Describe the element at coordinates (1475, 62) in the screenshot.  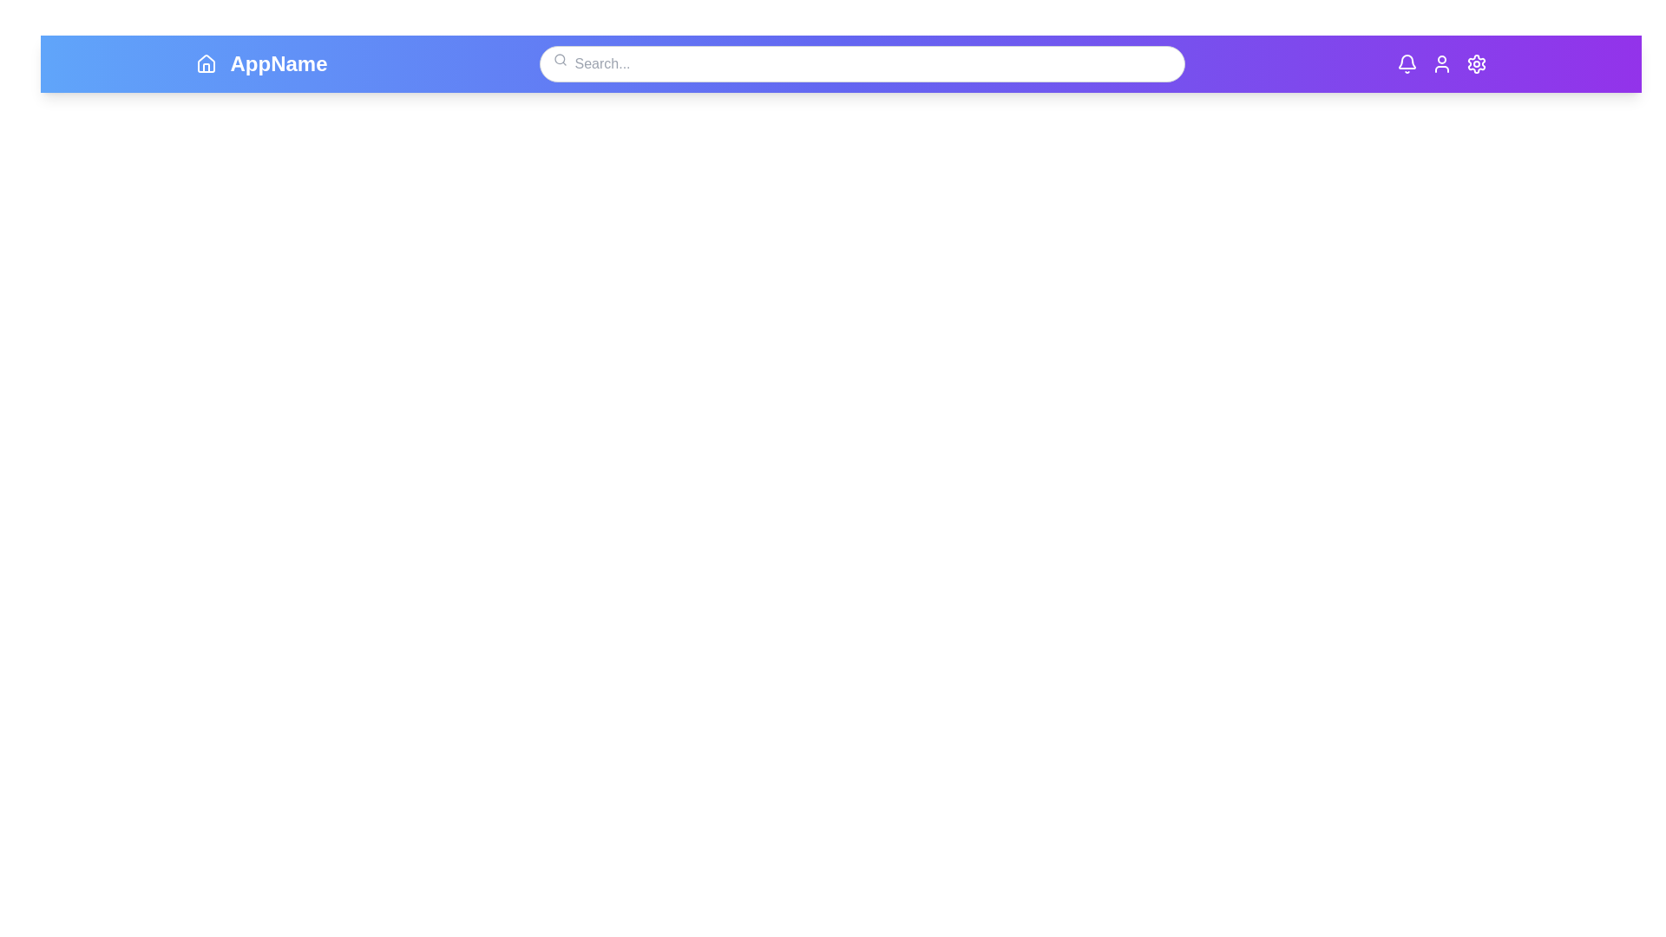
I see `the Settings icon to navigate` at that location.